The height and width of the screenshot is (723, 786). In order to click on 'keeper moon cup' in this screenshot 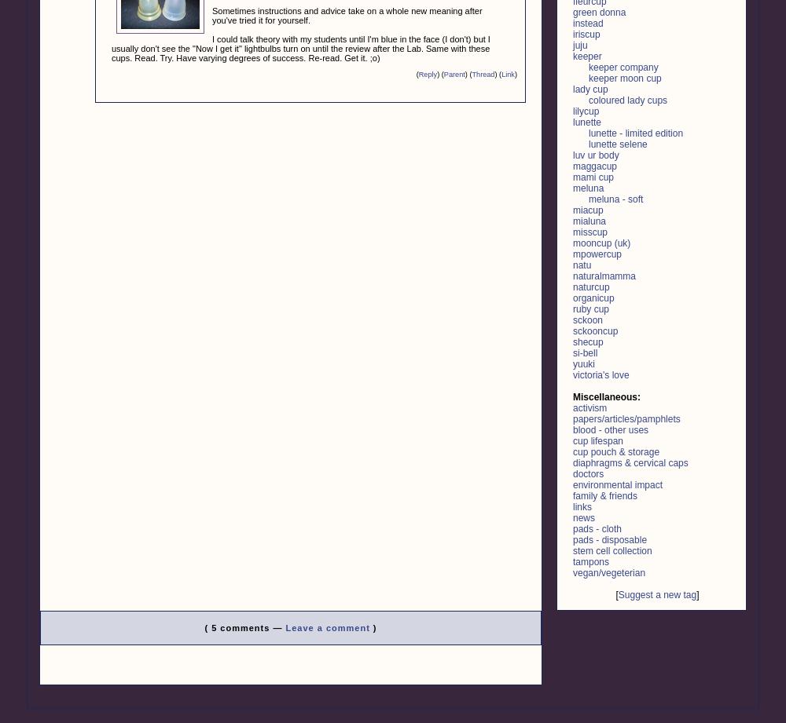, I will do `click(625, 79)`.